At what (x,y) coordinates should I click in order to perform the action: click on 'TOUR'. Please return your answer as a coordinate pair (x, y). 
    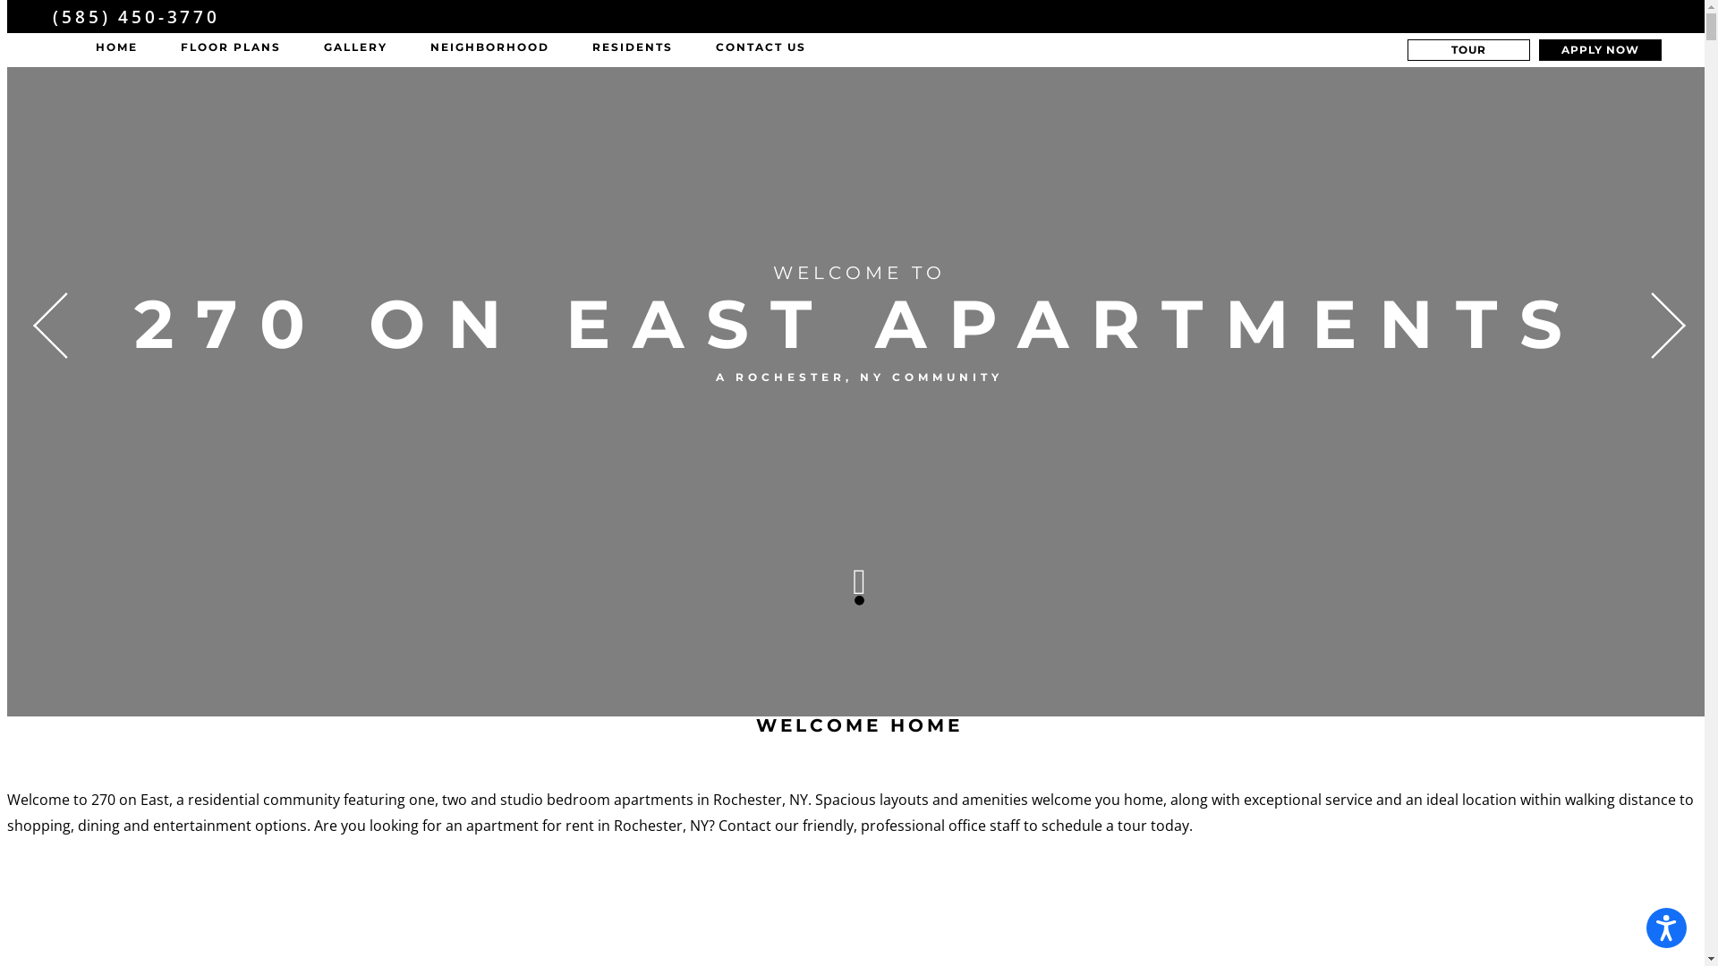
    Looking at the image, I should click on (1468, 49).